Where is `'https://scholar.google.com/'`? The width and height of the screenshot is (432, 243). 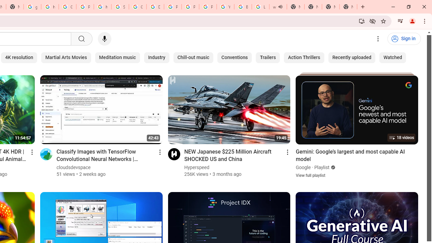 'https://scholar.google.com/' is located at coordinates (49, 7).